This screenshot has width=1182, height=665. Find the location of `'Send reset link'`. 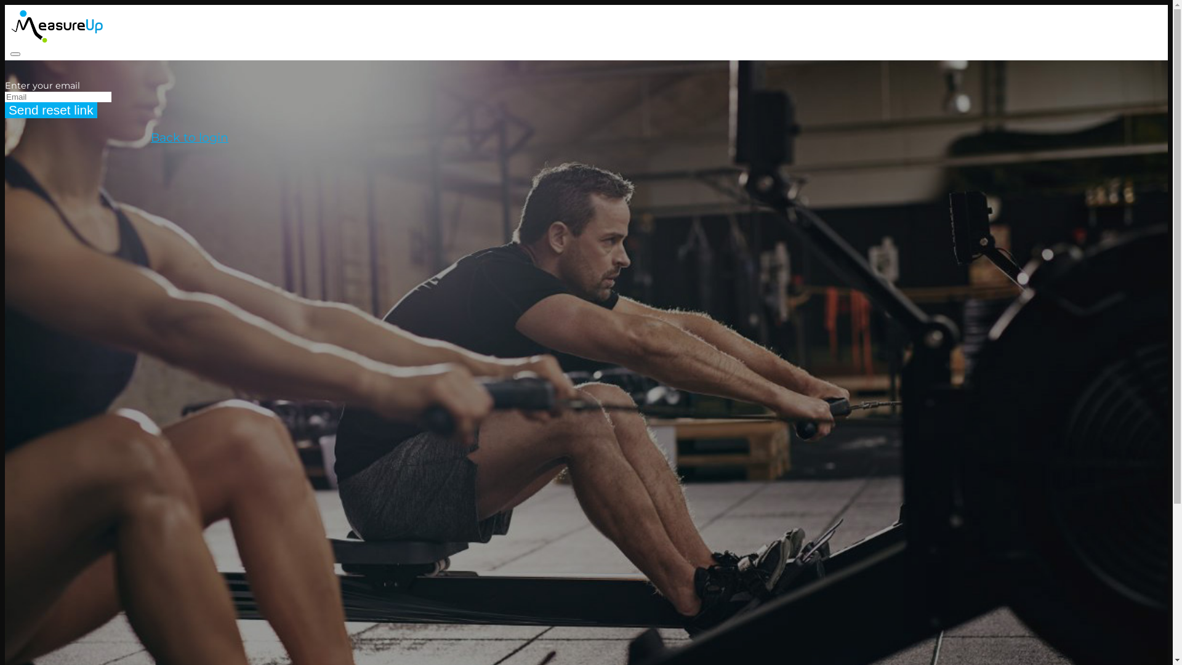

'Send reset link' is located at coordinates (5, 109).